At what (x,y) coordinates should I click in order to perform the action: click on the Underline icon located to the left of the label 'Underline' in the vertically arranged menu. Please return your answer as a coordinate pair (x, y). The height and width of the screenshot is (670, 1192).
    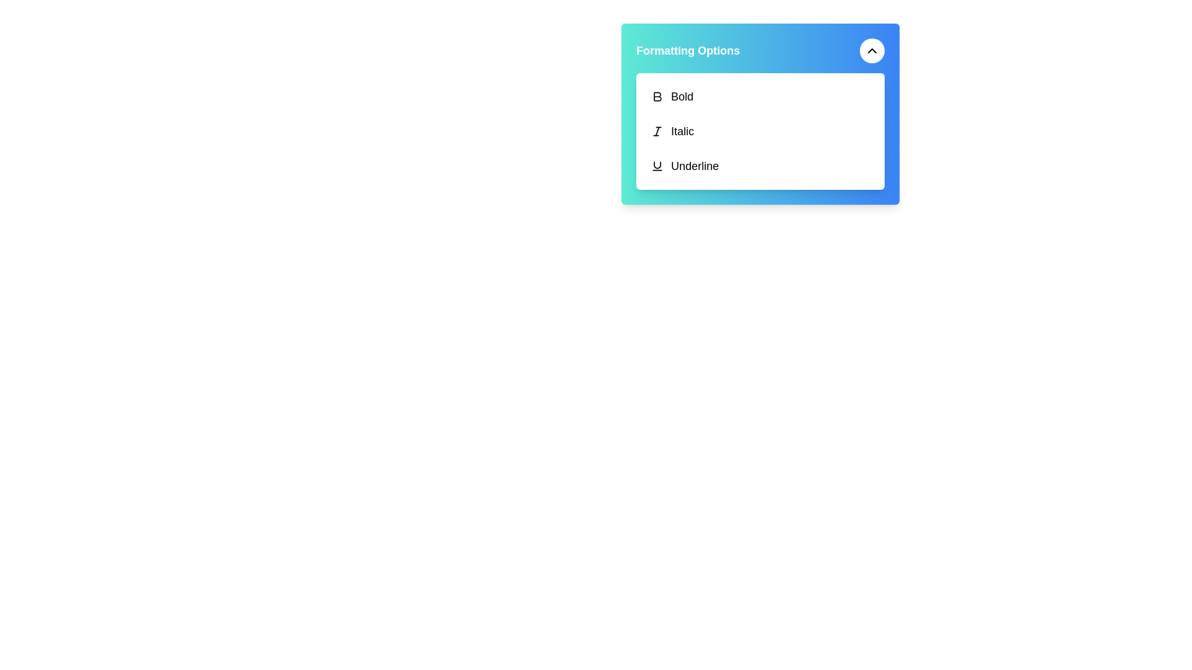
    Looking at the image, I should click on (657, 165).